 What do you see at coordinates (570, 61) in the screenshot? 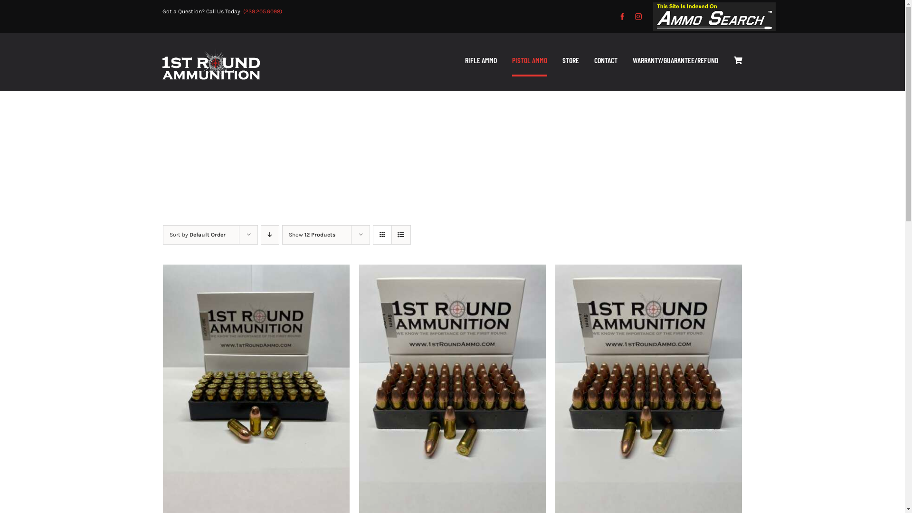
I see `'STORE'` at bounding box center [570, 61].